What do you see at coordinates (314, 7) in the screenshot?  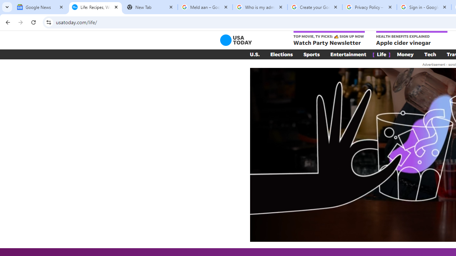 I see `'Create your Google Account'` at bounding box center [314, 7].